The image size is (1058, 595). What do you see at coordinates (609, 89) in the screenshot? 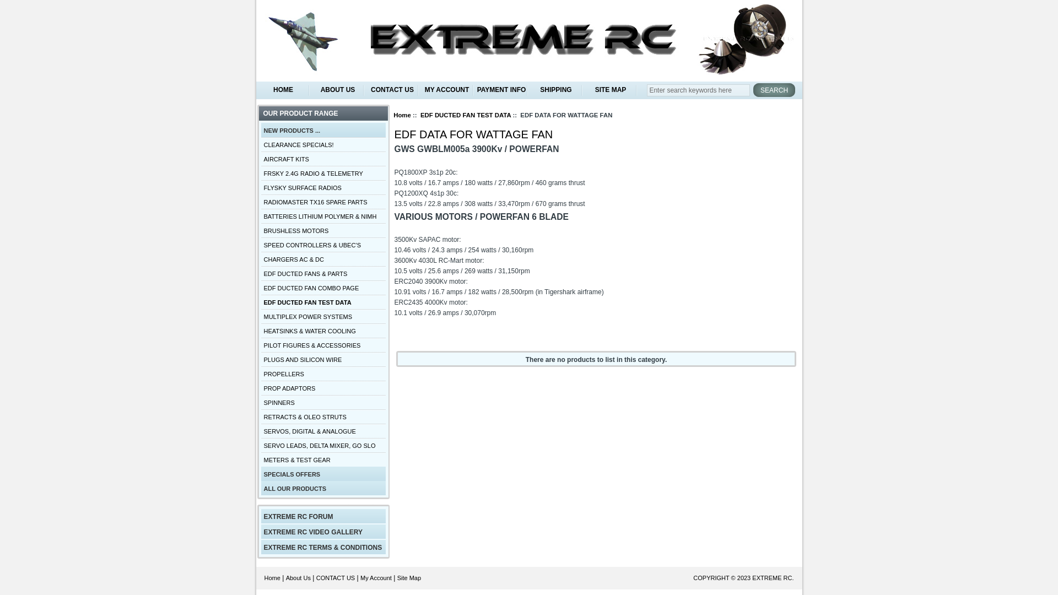
I see `'SITE MAP'` at bounding box center [609, 89].